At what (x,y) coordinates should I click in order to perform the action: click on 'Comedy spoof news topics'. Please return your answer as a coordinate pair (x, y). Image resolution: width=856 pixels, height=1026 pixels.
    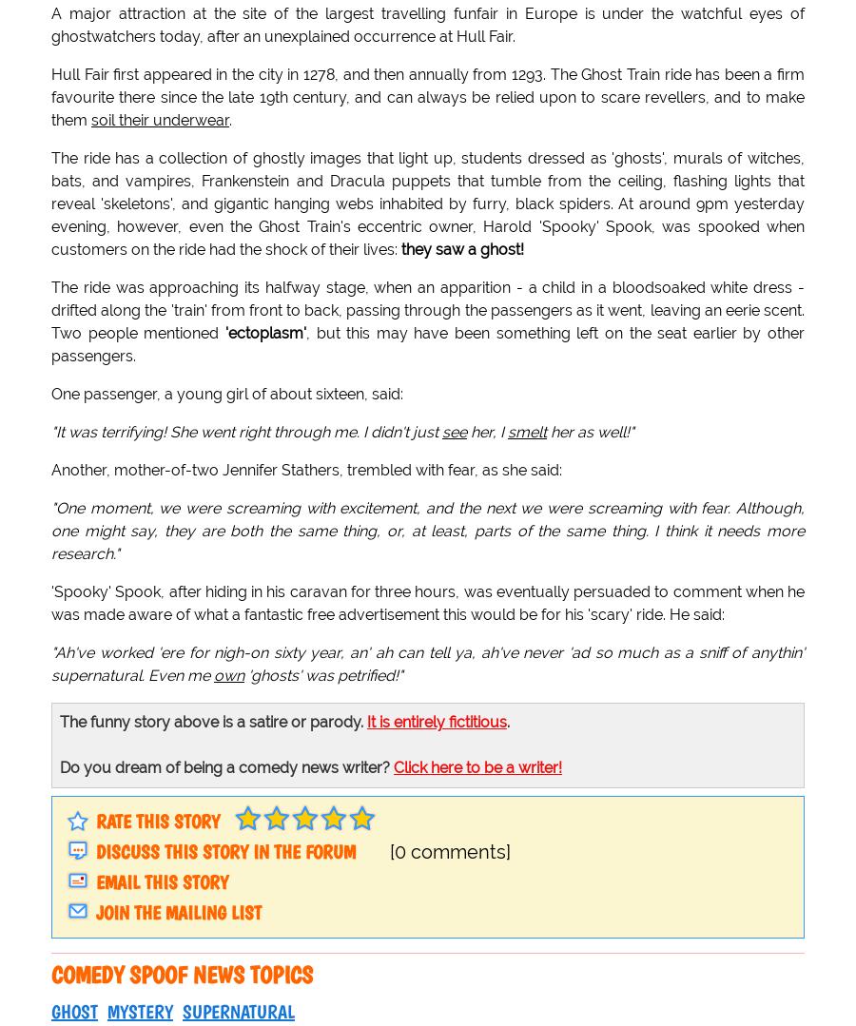
    Looking at the image, I should click on (50, 975).